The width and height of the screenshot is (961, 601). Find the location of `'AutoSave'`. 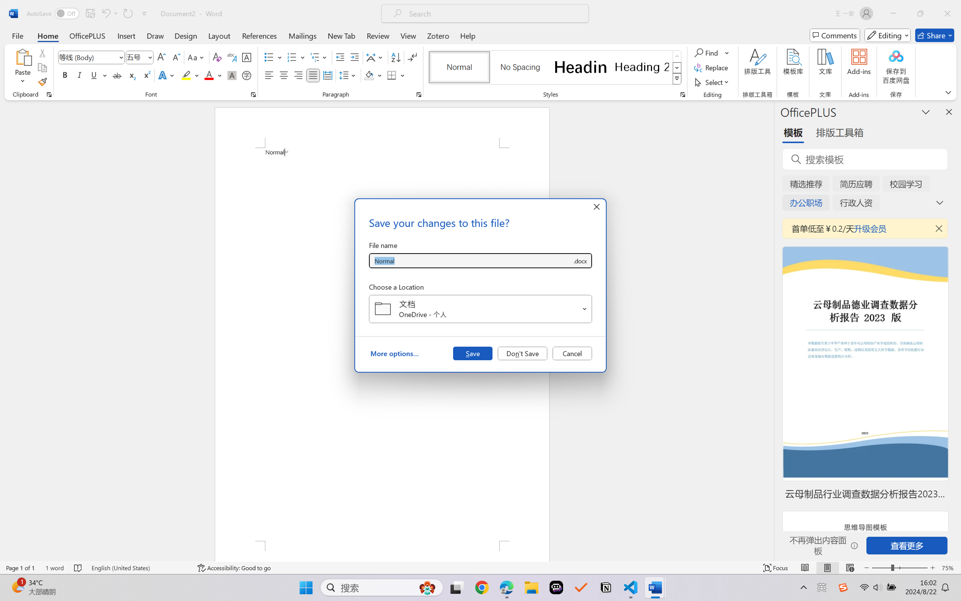

'AutoSave' is located at coordinates (53, 13).